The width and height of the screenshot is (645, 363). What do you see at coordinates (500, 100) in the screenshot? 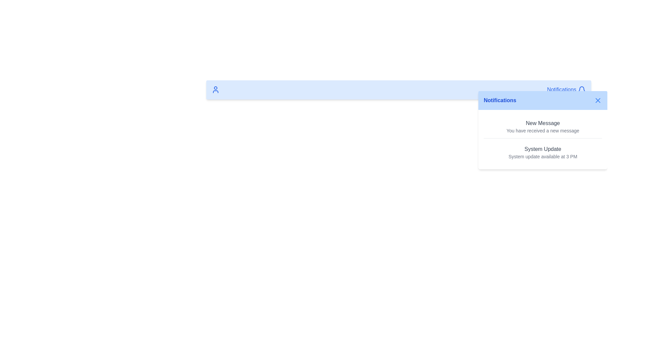
I see `the Text label in the notification dropdown header to access nearby elements for closing the dropdown or interacting with notifications` at bounding box center [500, 100].